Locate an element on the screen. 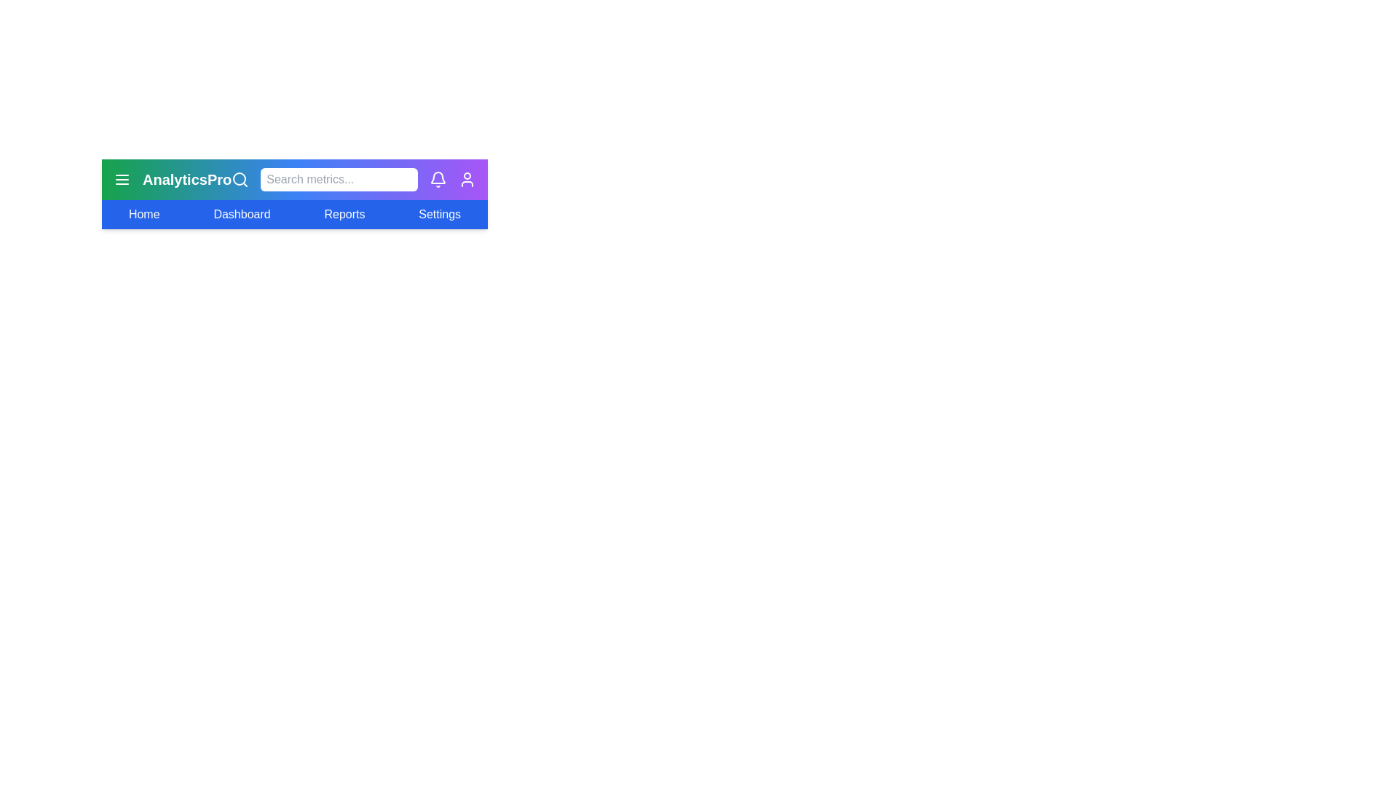  the menu option labeled Home to select it is located at coordinates (143, 214).